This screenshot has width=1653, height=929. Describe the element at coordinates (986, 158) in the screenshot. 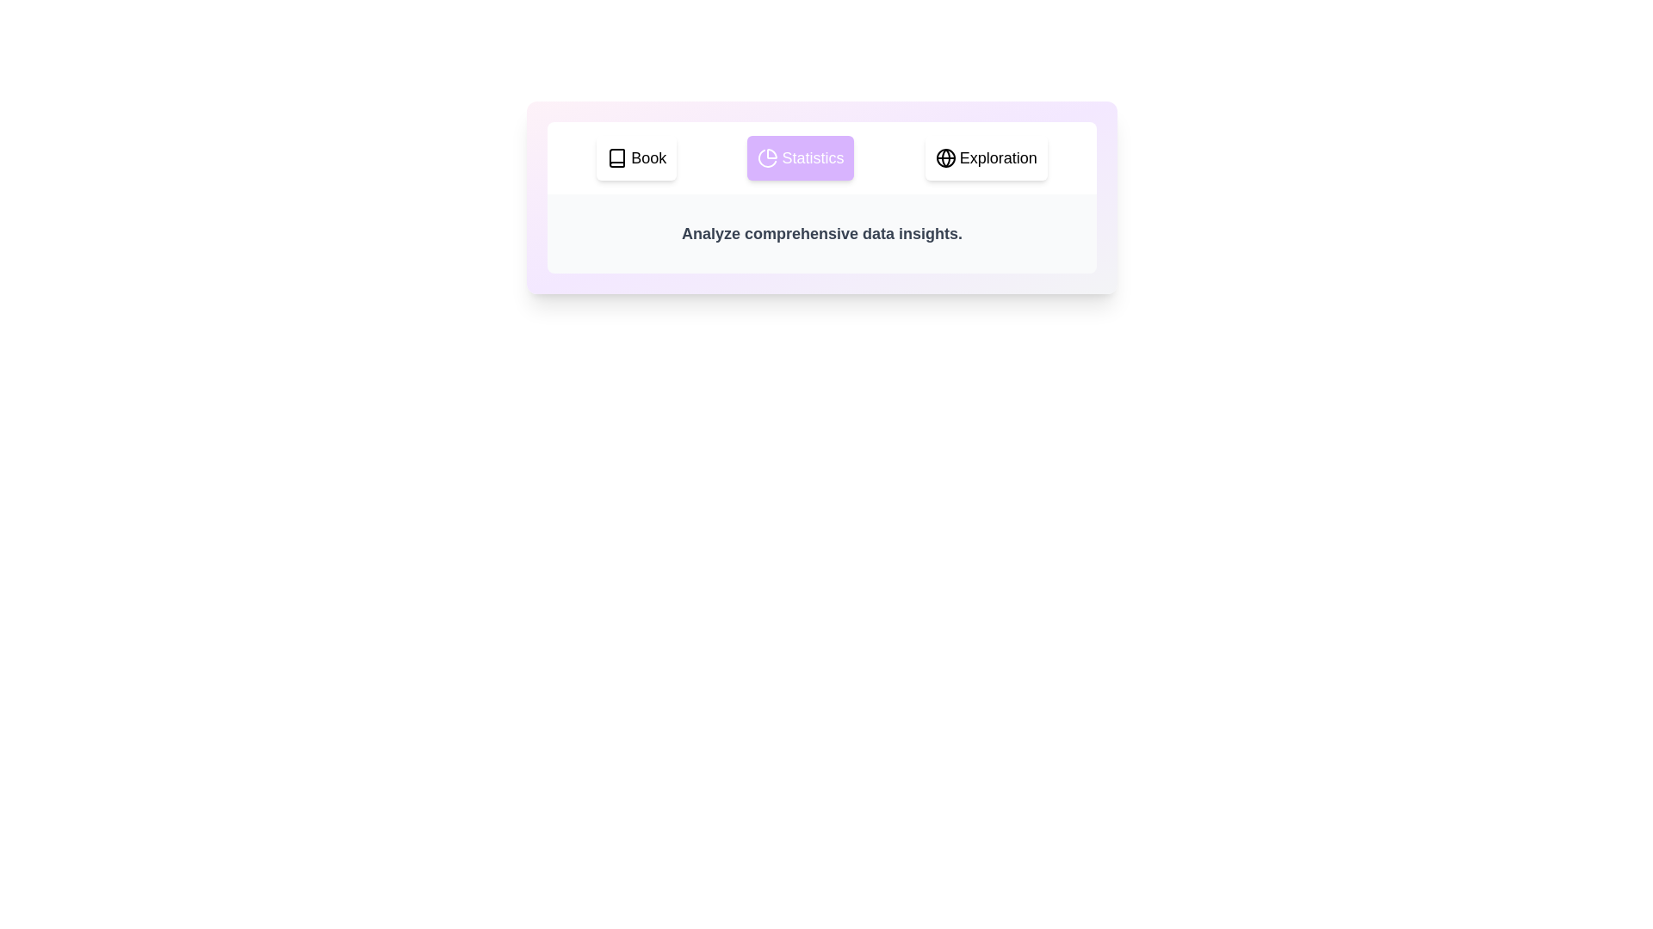

I see `the tab labeled Exploration` at that location.